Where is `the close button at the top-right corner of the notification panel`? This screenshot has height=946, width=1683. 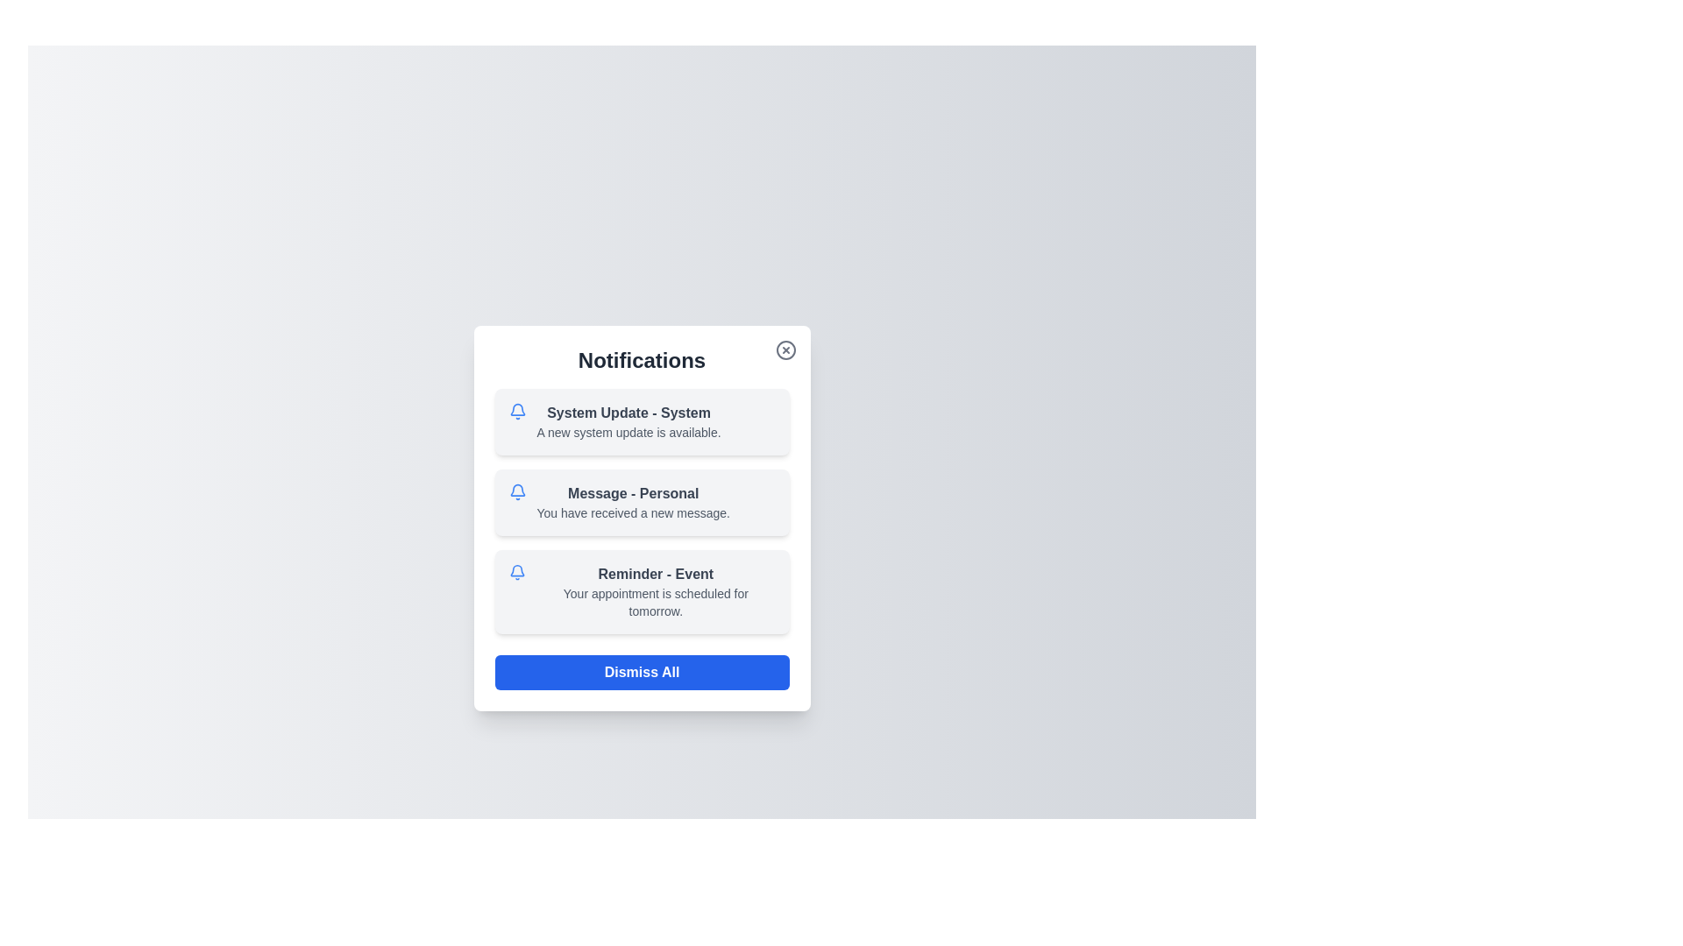
the close button at the top-right corner of the notification panel is located at coordinates (785, 350).